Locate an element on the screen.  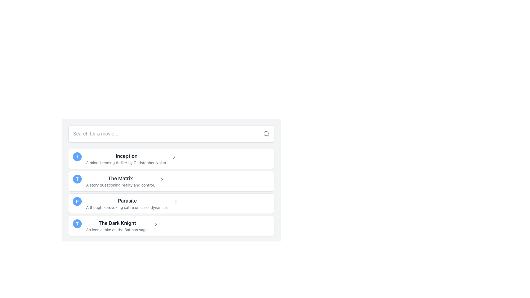
the descriptive text snippet 'A thought-provoking satire on class dynamics.' located below the title 'Parasite' in the card layout is located at coordinates (127, 207).